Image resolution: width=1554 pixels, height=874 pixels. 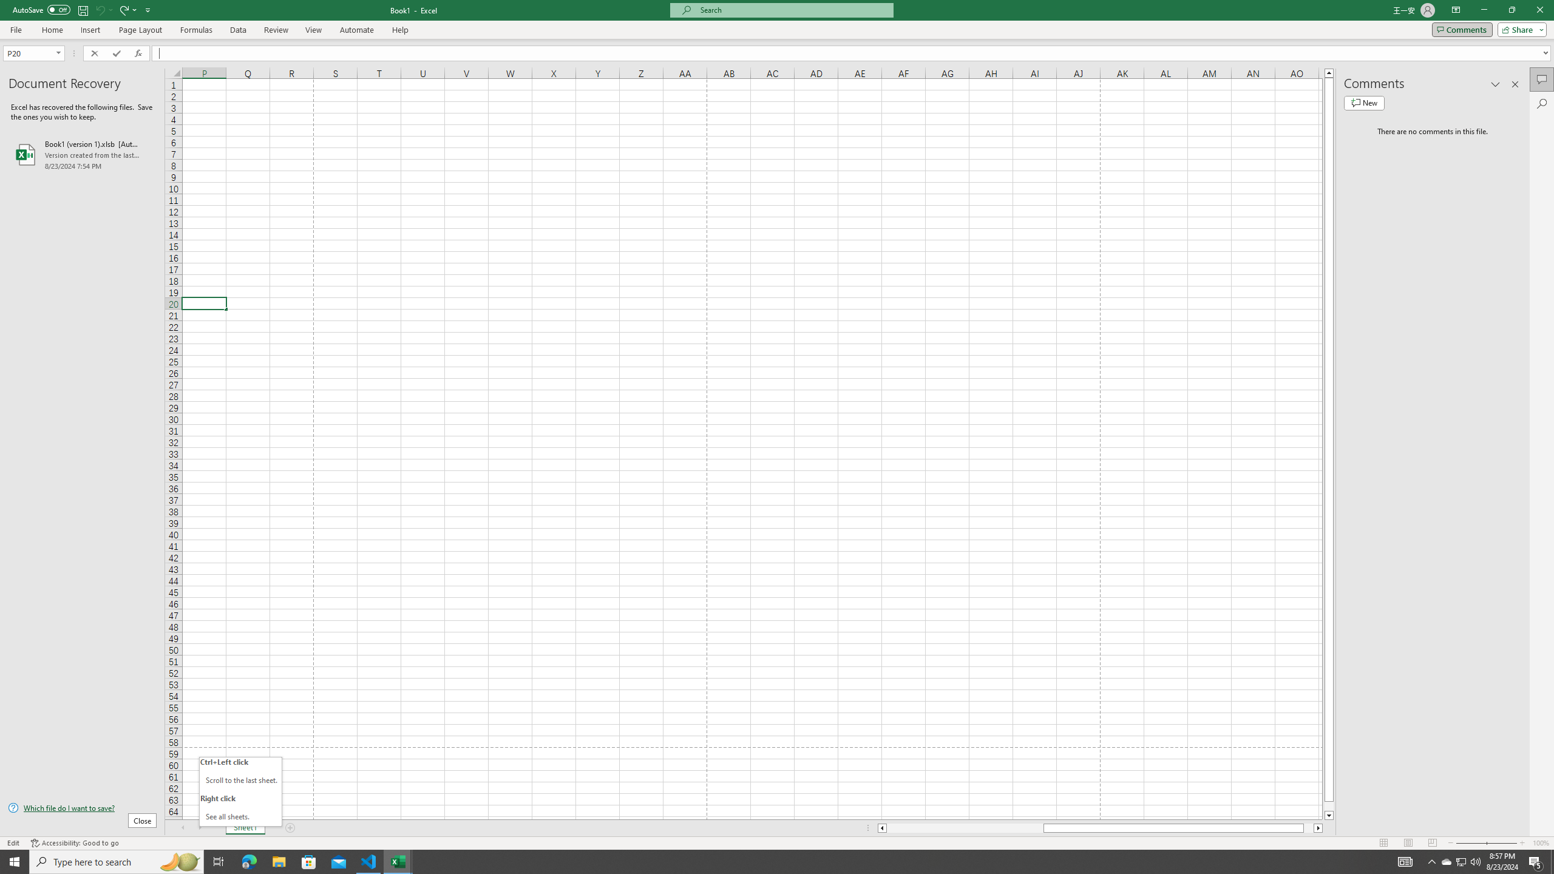 What do you see at coordinates (1462, 29) in the screenshot?
I see `'Comments'` at bounding box center [1462, 29].